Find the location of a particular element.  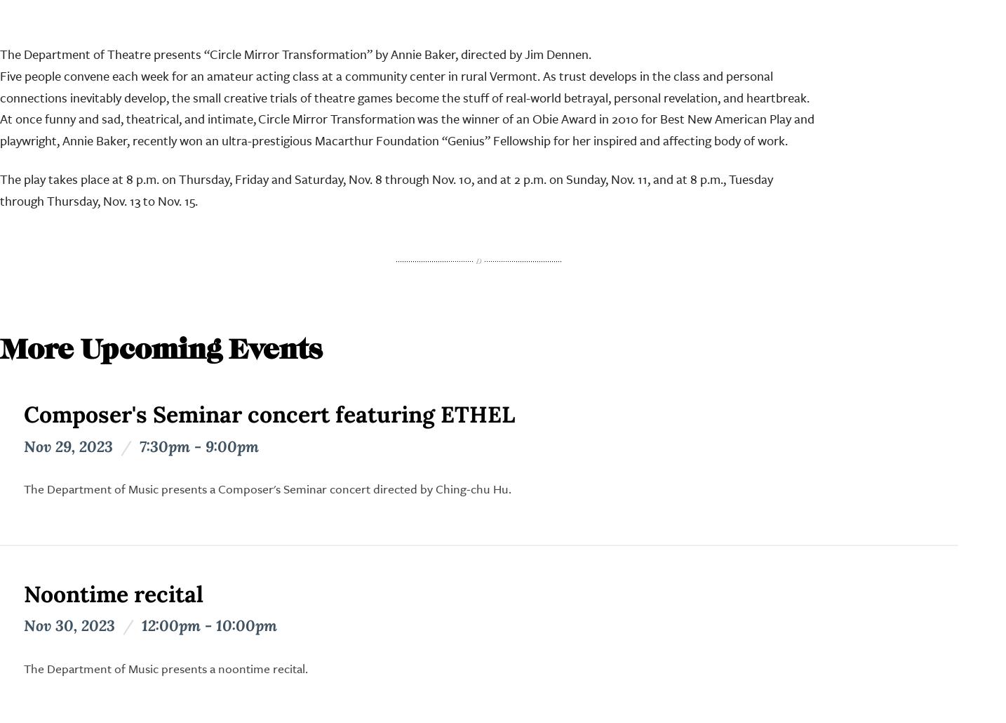

'Schedule A Visit' is located at coordinates (382, 583).